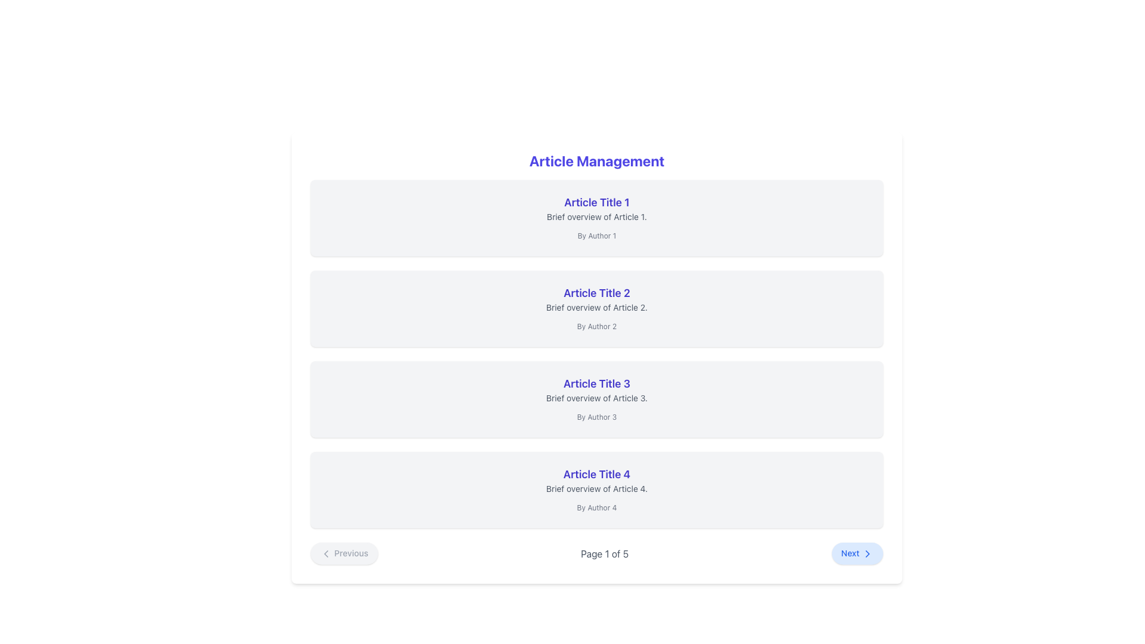 The height and width of the screenshot is (644, 1145). What do you see at coordinates (597, 161) in the screenshot?
I see `the centered header with the text 'Article Management'` at bounding box center [597, 161].